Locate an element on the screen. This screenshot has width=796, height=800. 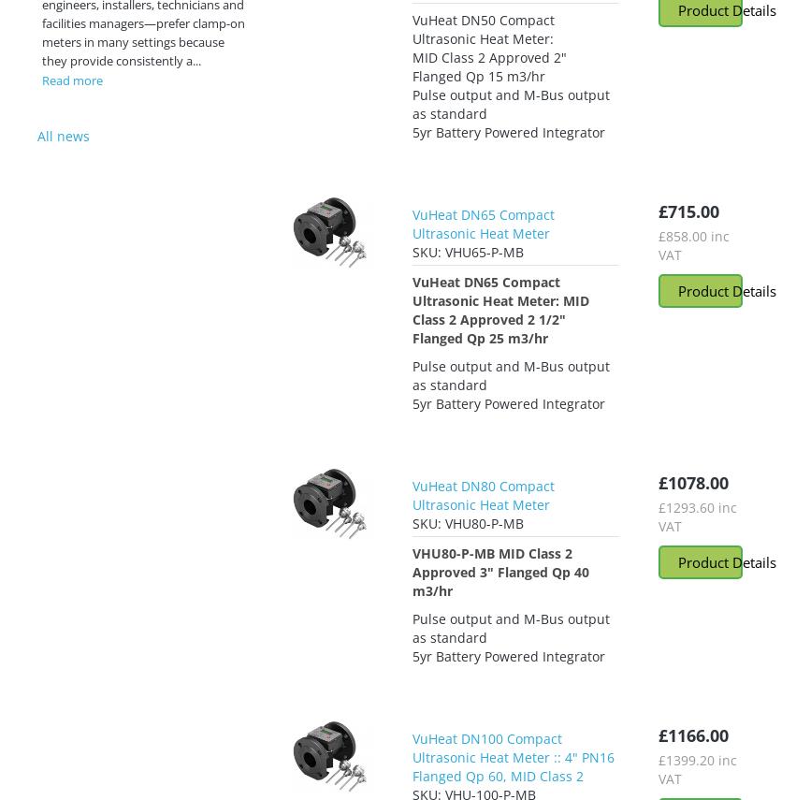
'£1078.00' is located at coordinates (693, 481).